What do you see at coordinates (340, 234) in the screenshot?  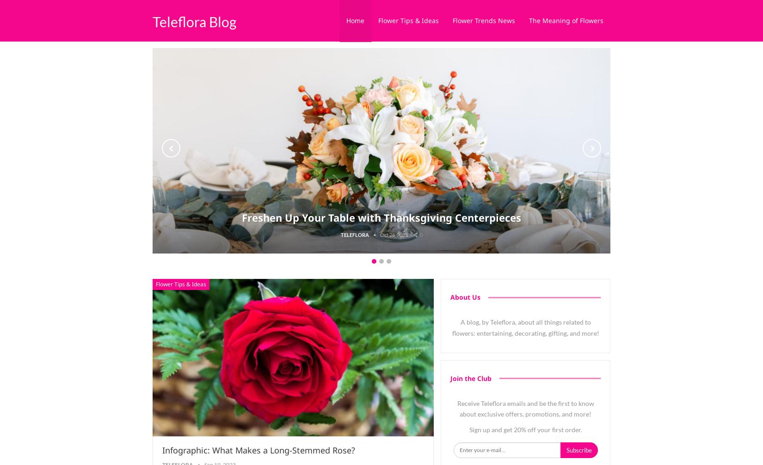 I see `'Teleflora'` at bounding box center [340, 234].